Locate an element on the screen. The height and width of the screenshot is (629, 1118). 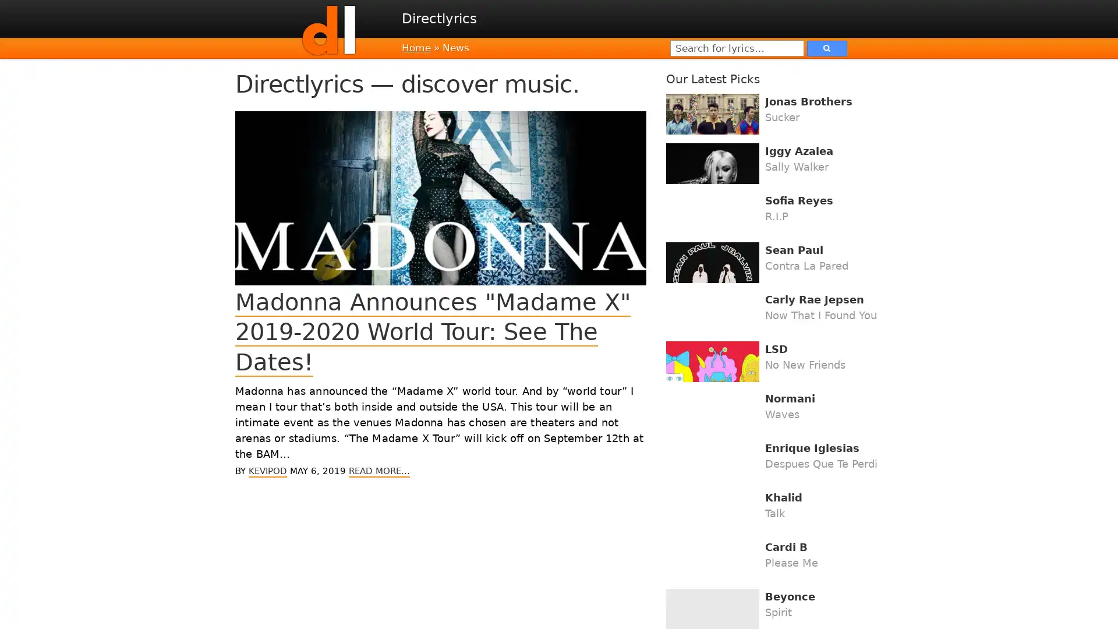
Search is located at coordinates (826, 47).